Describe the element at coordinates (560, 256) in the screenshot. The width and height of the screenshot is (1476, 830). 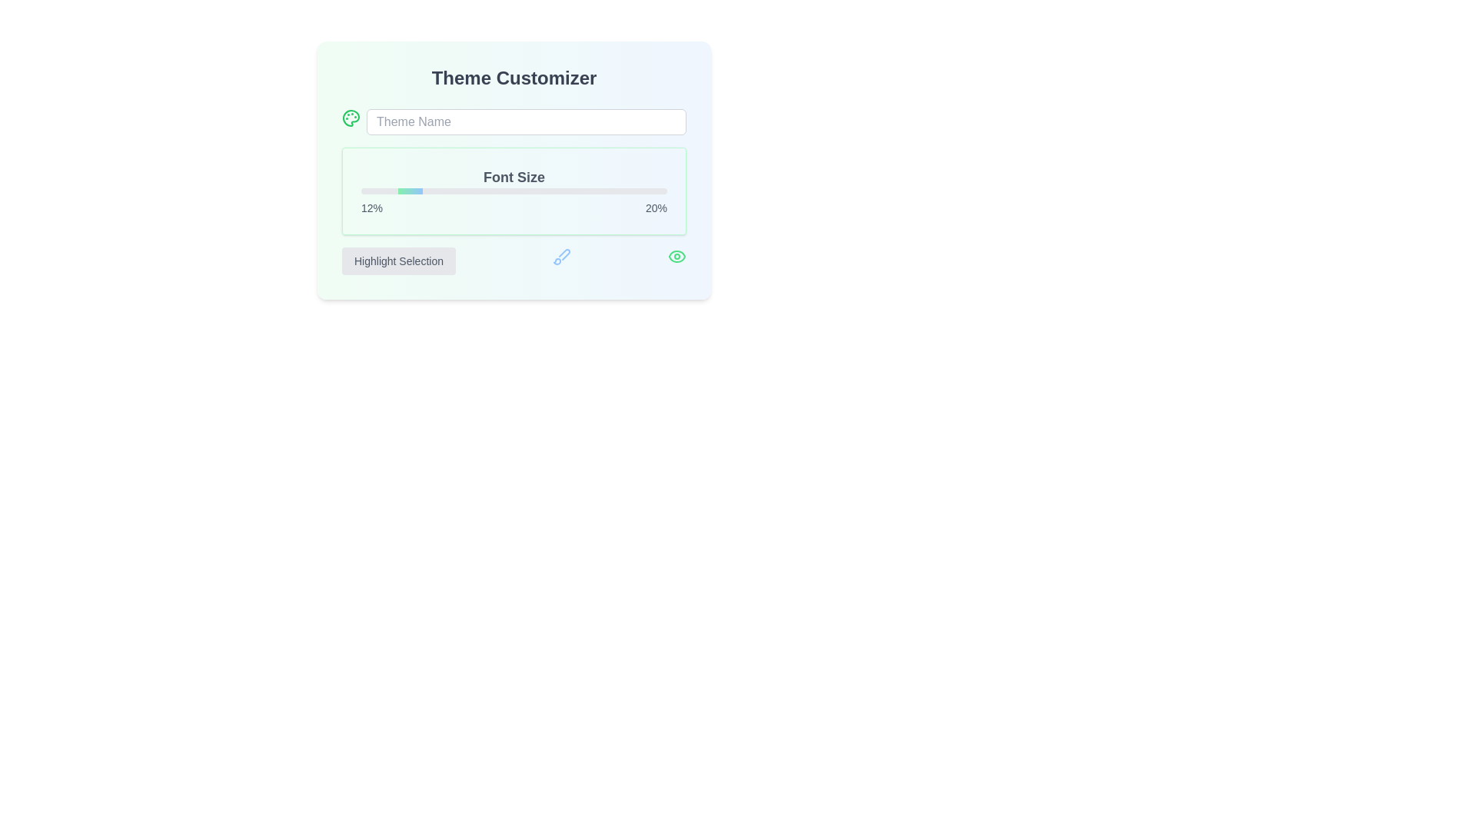
I see `the brush icon located in the 'Highlight Selection' section, positioned to the right of the 'Highlight Selection' button and before the eye action icon` at that location.